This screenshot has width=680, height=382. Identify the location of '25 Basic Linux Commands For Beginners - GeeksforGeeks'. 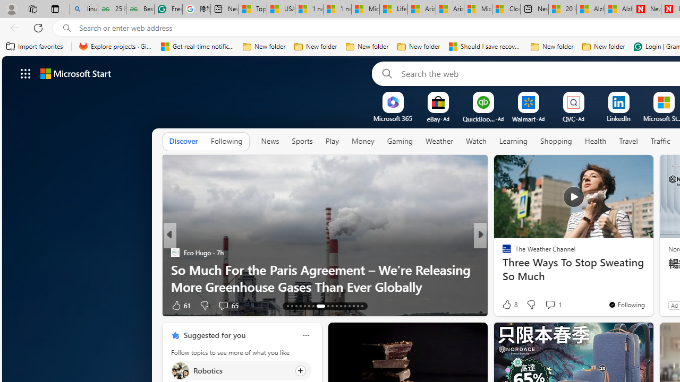
(112, 9).